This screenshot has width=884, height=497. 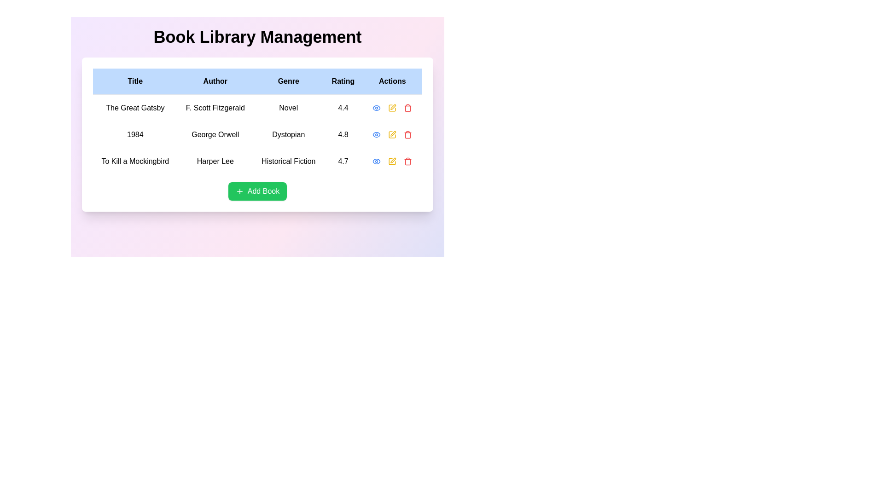 I want to click on the static text label displaying the rating '4.8' for the book '1984' in the 'Rating' column of the data grid, so click(x=343, y=135).